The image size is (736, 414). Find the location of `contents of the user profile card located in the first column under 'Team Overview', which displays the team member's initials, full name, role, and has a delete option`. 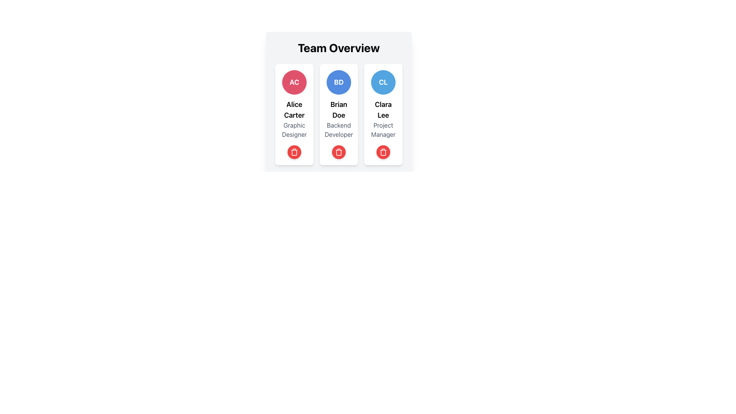

contents of the user profile card located in the first column under 'Team Overview', which displays the team member's initials, full name, role, and has a delete option is located at coordinates (294, 115).